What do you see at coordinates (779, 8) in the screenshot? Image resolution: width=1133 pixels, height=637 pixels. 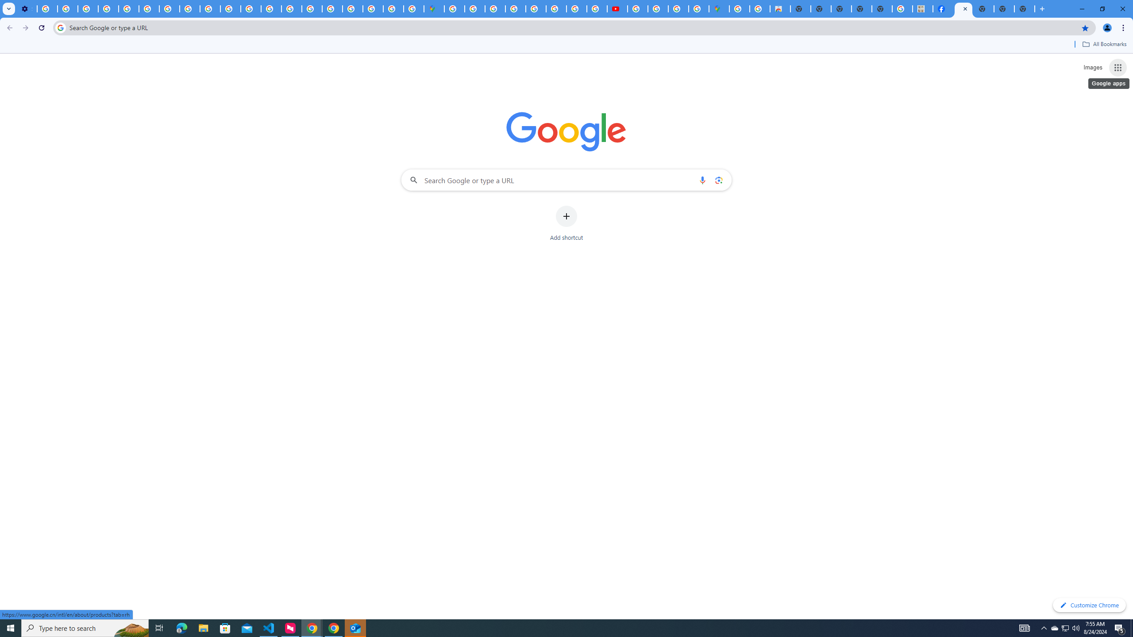 I see `'Chrome Web Store - Shopping'` at bounding box center [779, 8].